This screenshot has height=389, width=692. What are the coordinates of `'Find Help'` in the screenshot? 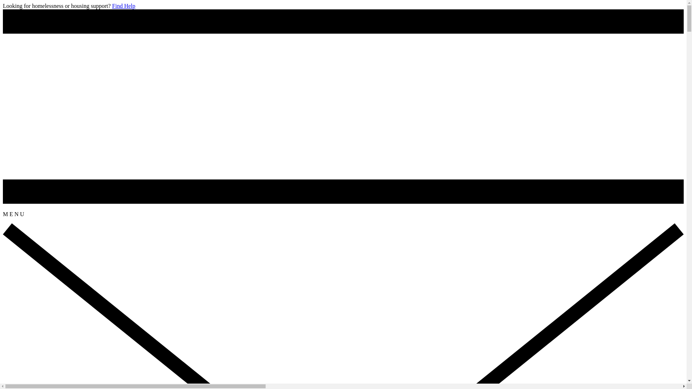 It's located at (112, 6).